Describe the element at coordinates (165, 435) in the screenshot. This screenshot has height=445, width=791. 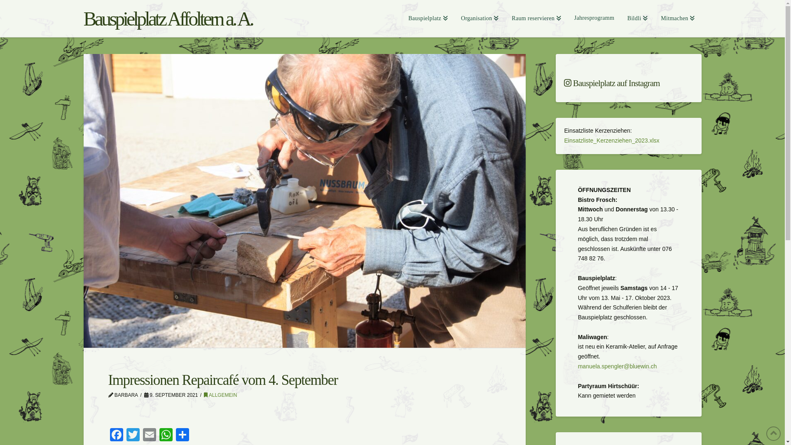
I see `'WhatsApp'` at that location.